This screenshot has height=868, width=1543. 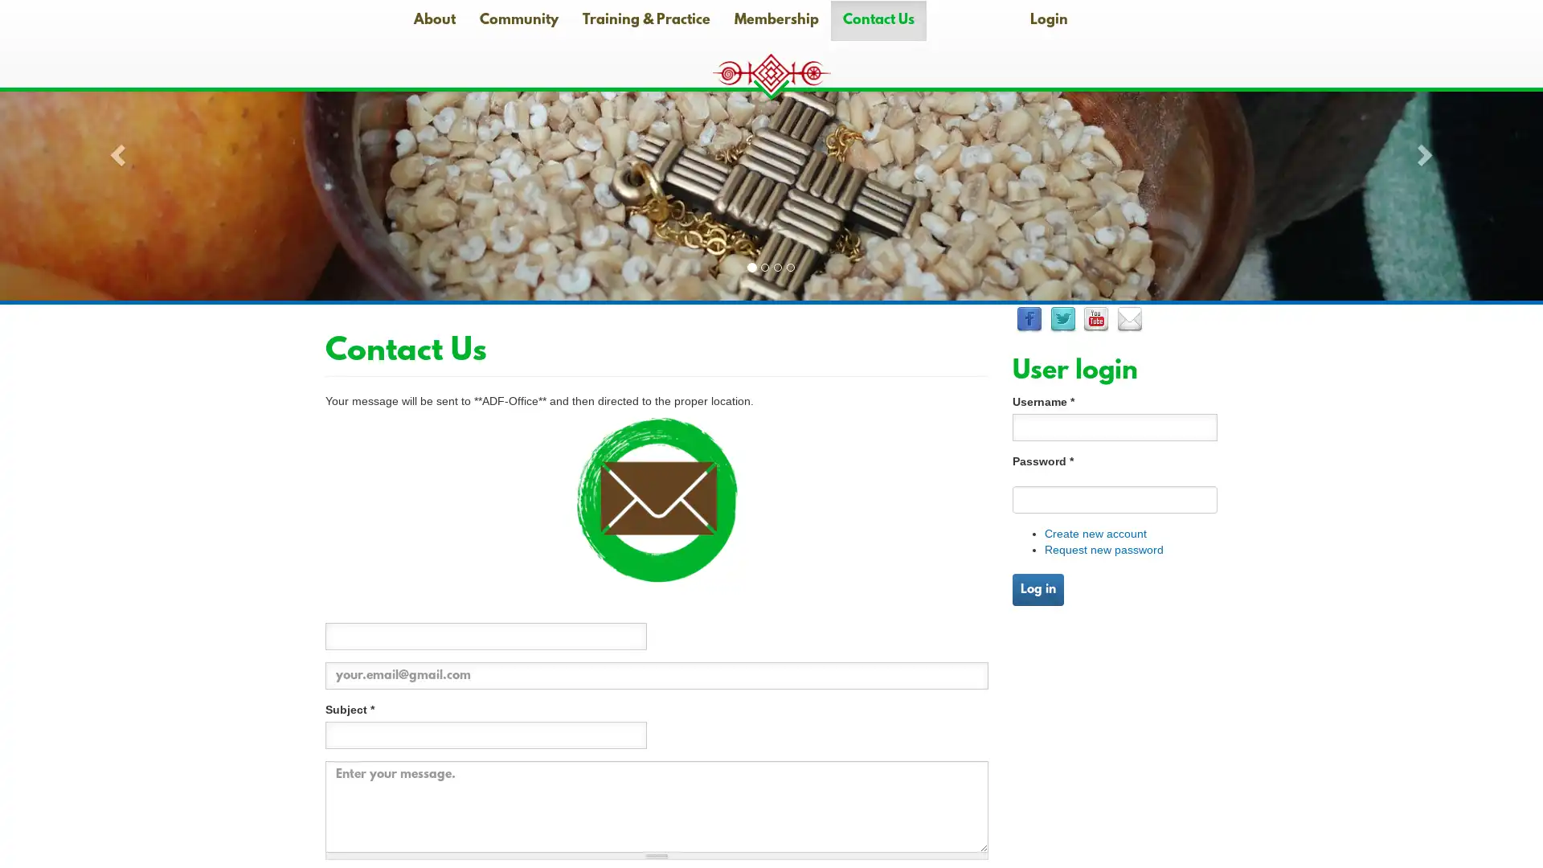 I want to click on Log in, so click(x=1038, y=588).